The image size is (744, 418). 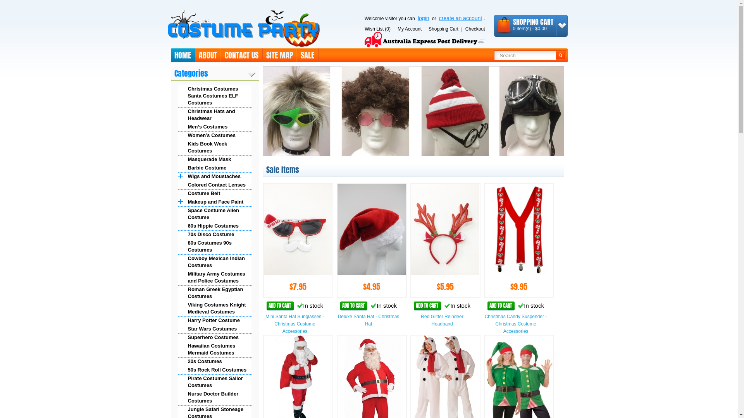 What do you see at coordinates (215, 337) in the screenshot?
I see `'Superhero Costumes'` at bounding box center [215, 337].